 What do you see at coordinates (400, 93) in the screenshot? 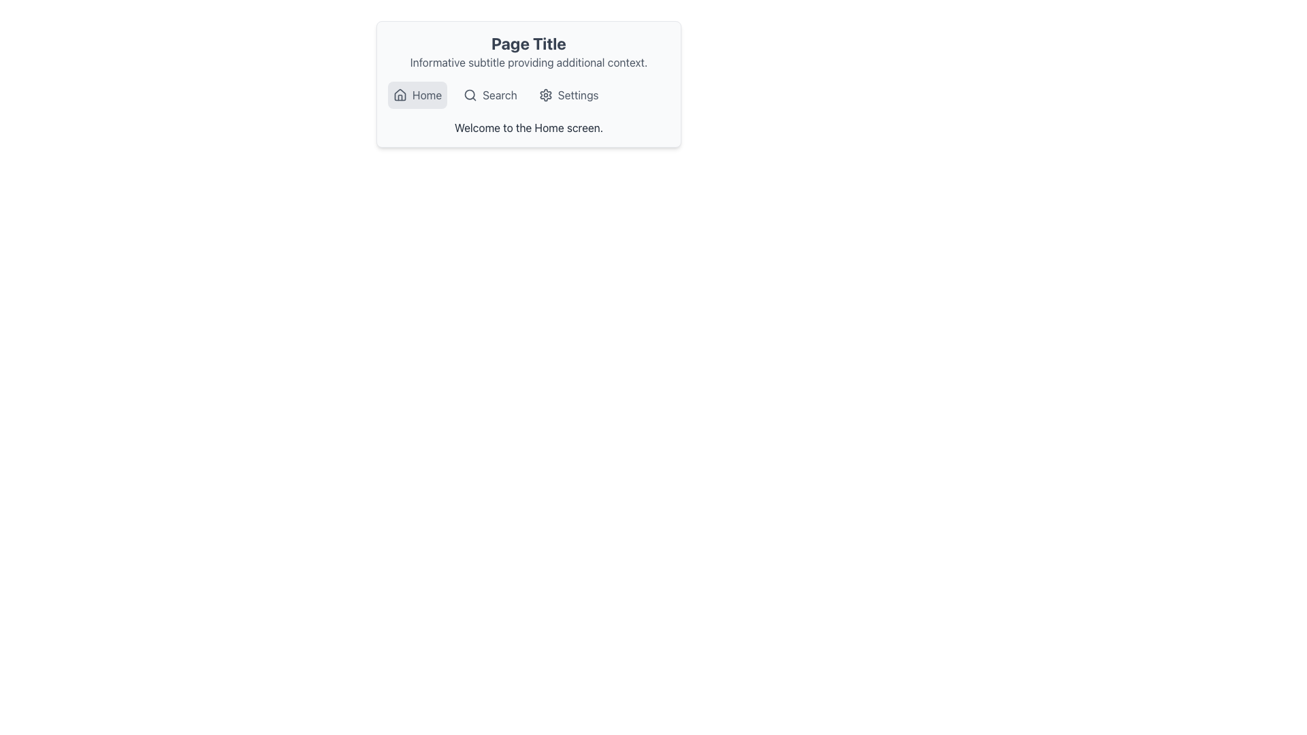
I see `the lower portion of the house icon located in the top-center area of the user interface, which represents a home page navigation action` at bounding box center [400, 93].